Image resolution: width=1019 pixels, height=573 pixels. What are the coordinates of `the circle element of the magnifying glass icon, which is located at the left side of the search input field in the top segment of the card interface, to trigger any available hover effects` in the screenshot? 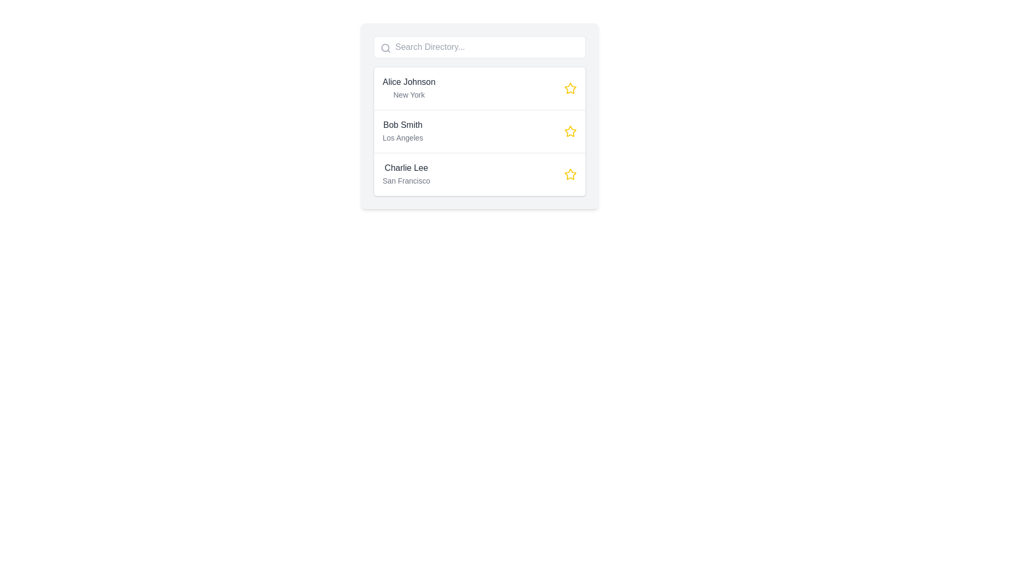 It's located at (385, 48).